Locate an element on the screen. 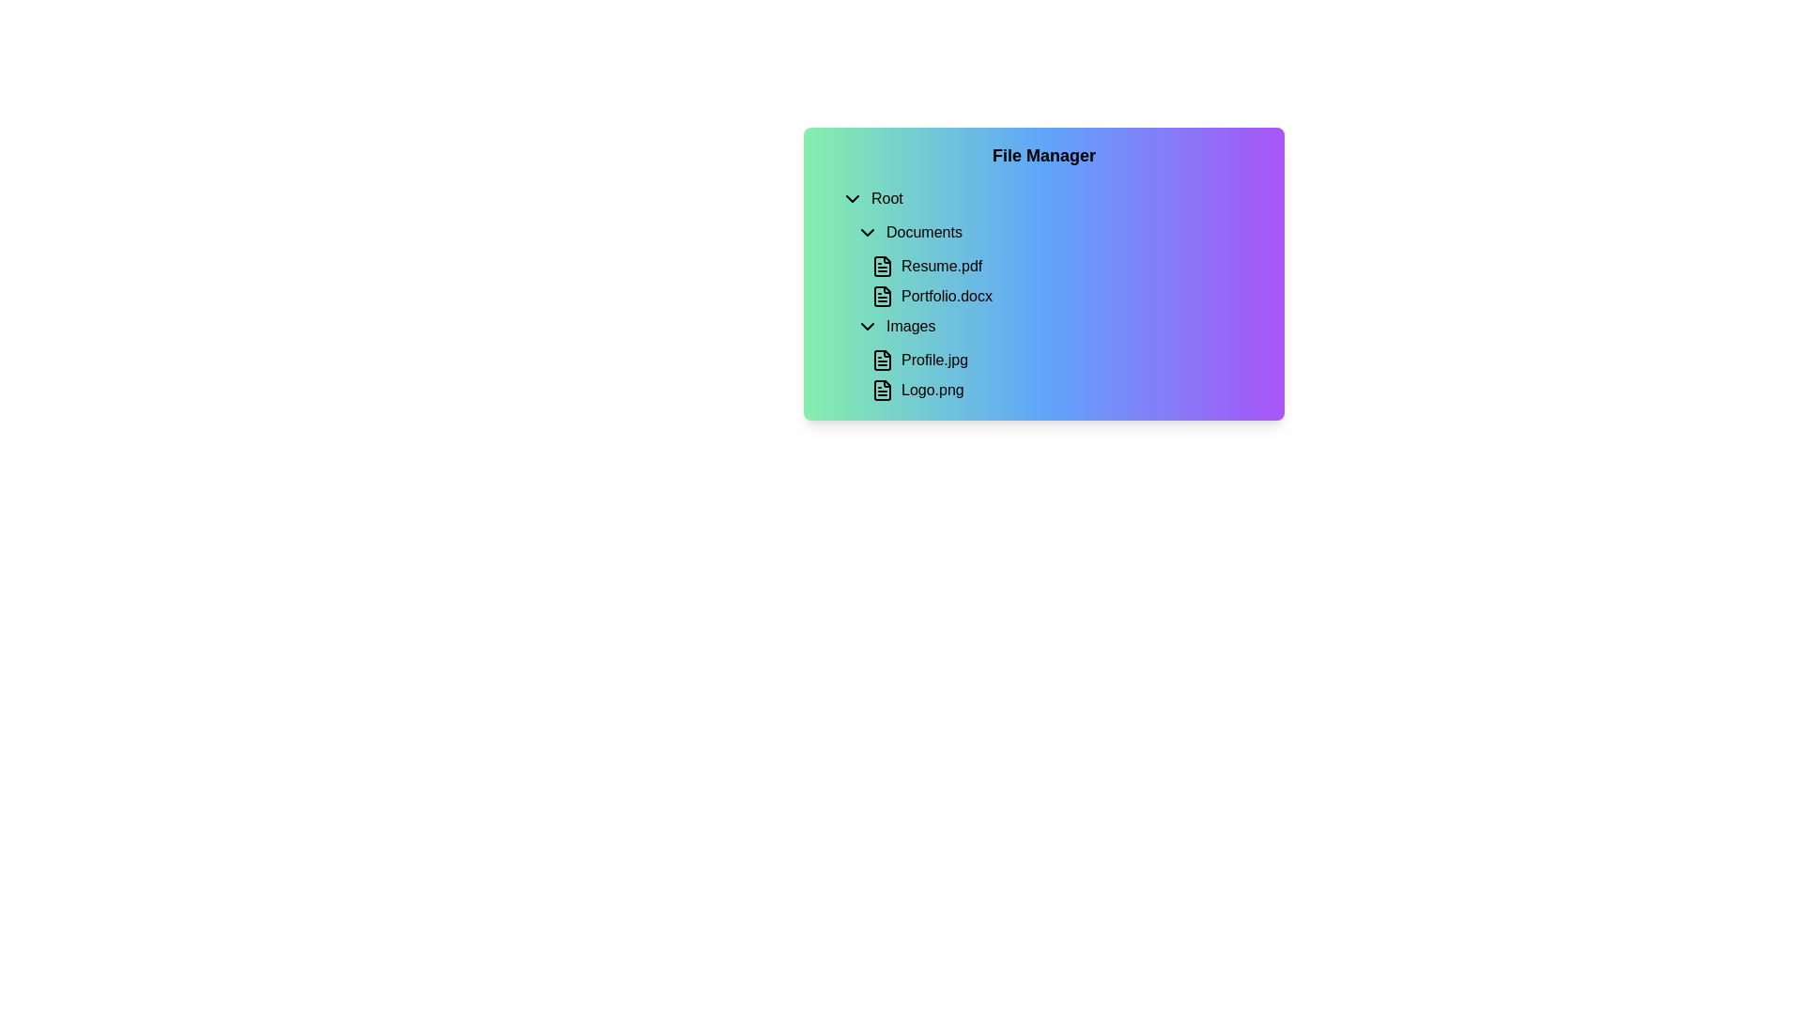 This screenshot has width=1803, height=1014. the text label representing the selectable file 'Resume.pdf' is located at coordinates (942, 267).